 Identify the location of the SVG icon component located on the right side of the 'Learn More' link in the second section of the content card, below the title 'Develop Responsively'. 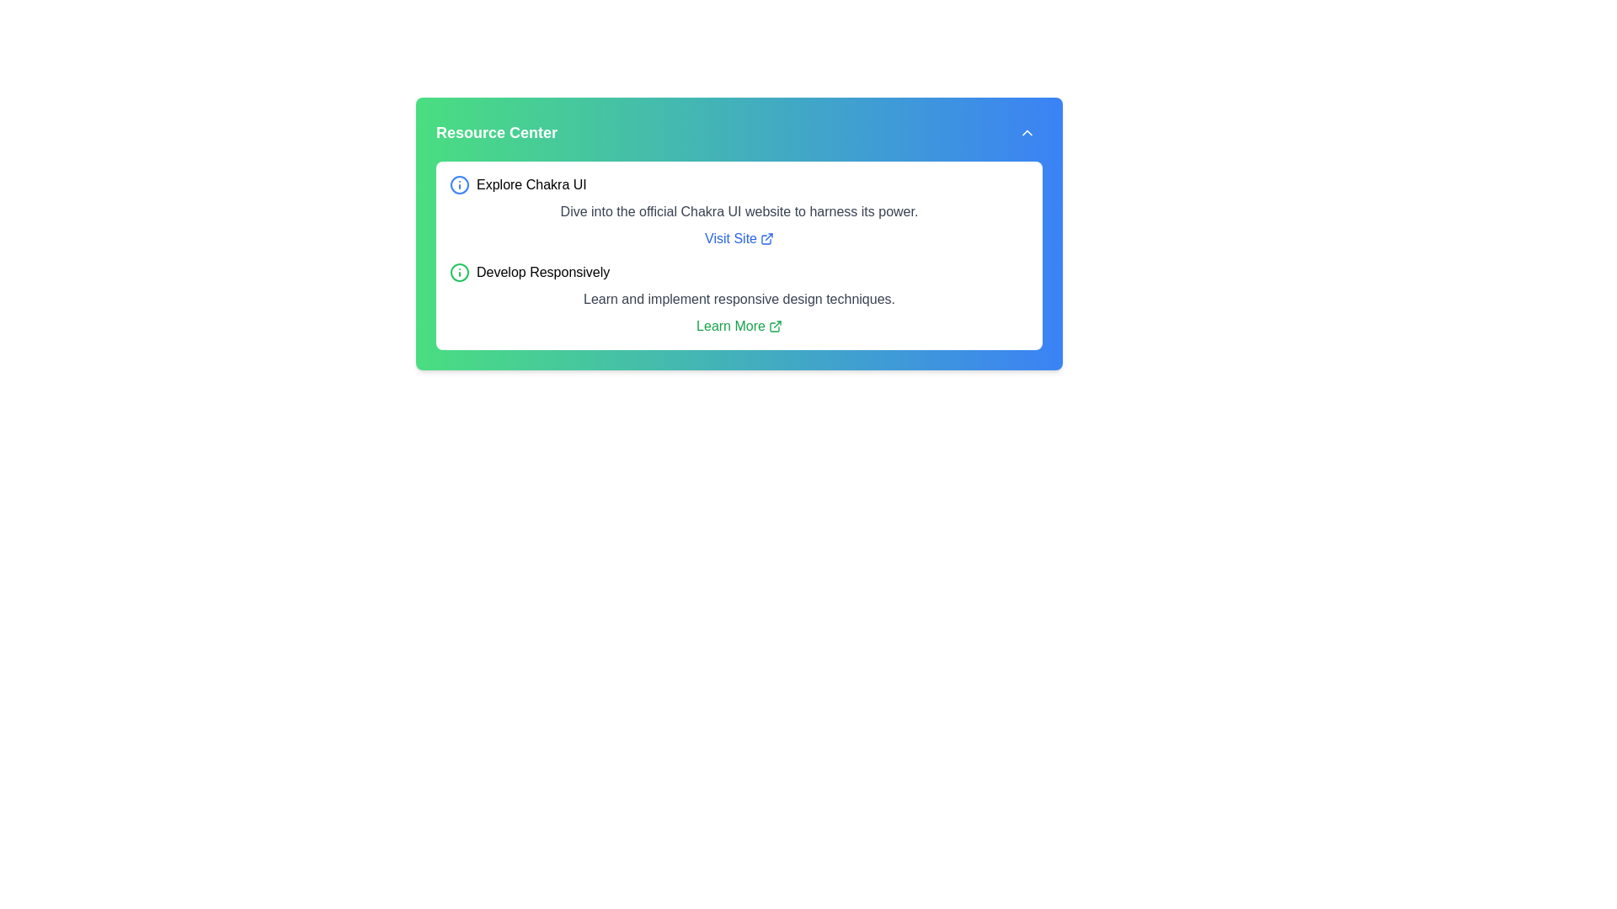
(773, 327).